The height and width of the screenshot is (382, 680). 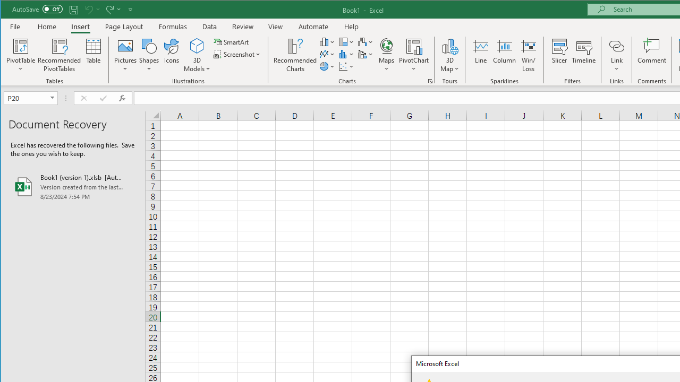 I want to click on 'Screenshot', so click(x=237, y=54).